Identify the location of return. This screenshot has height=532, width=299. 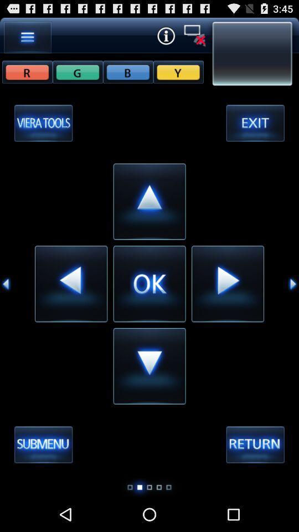
(255, 445).